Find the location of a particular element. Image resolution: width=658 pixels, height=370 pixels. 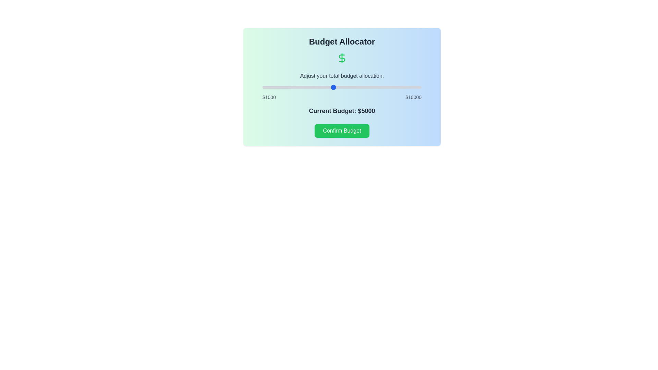

the budget slider to set the budget to 7292 dollars is located at coordinates (373, 87).